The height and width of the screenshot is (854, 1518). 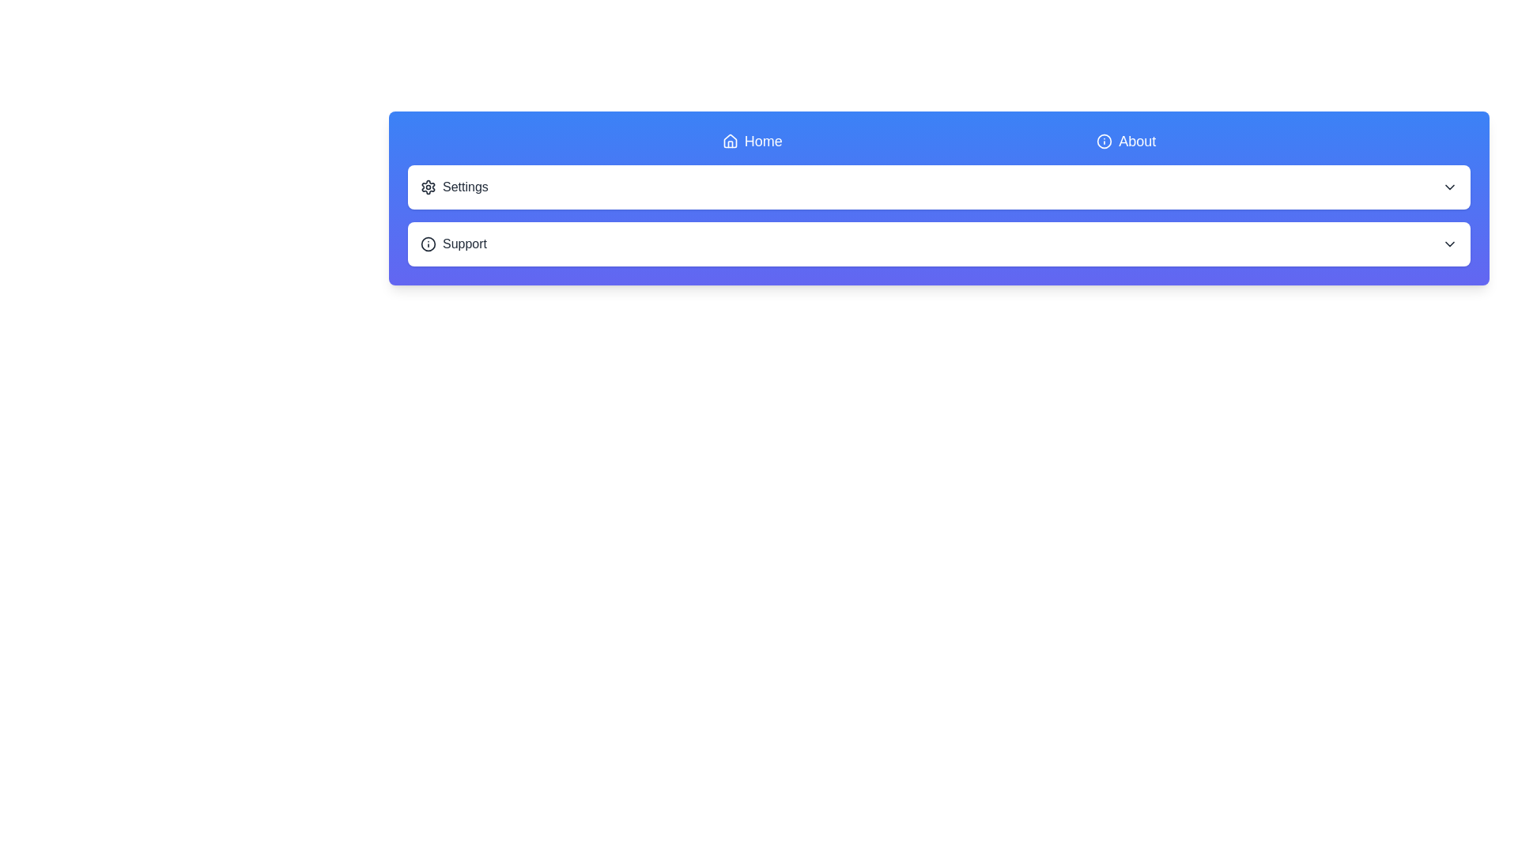 What do you see at coordinates (763, 140) in the screenshot?
I see `the 'Home' text link in the navigation bar` at bounding box center [763, 140].